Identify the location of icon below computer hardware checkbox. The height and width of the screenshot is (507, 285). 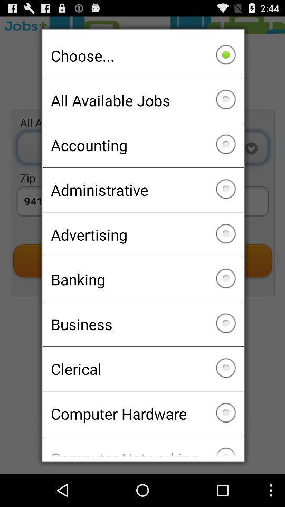
(142, 446).